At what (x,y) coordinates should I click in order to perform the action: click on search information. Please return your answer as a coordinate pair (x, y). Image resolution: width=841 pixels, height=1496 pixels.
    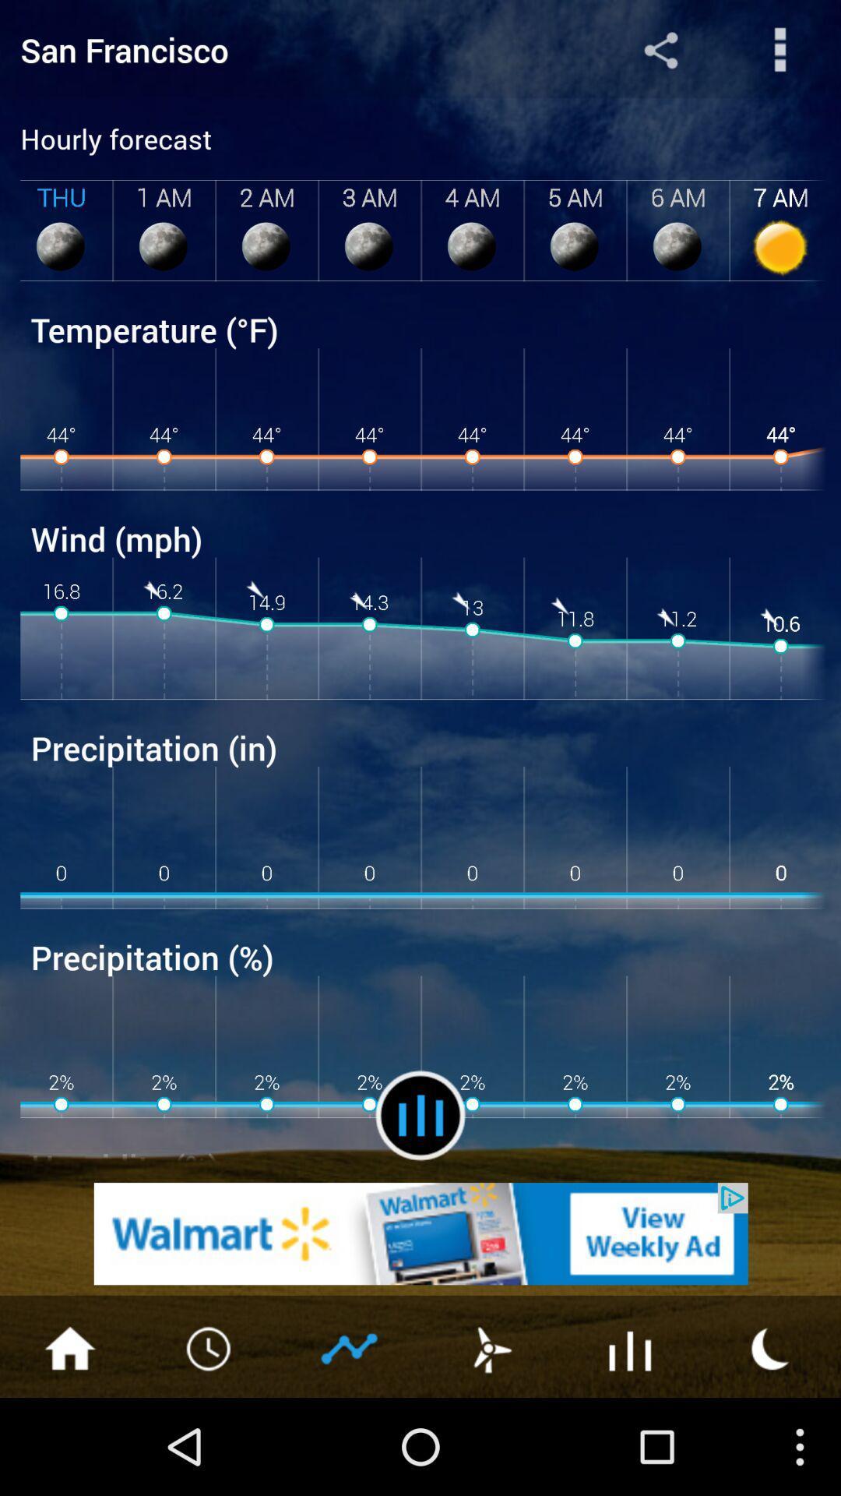
    Looking at the image, I should click on (780, 49).